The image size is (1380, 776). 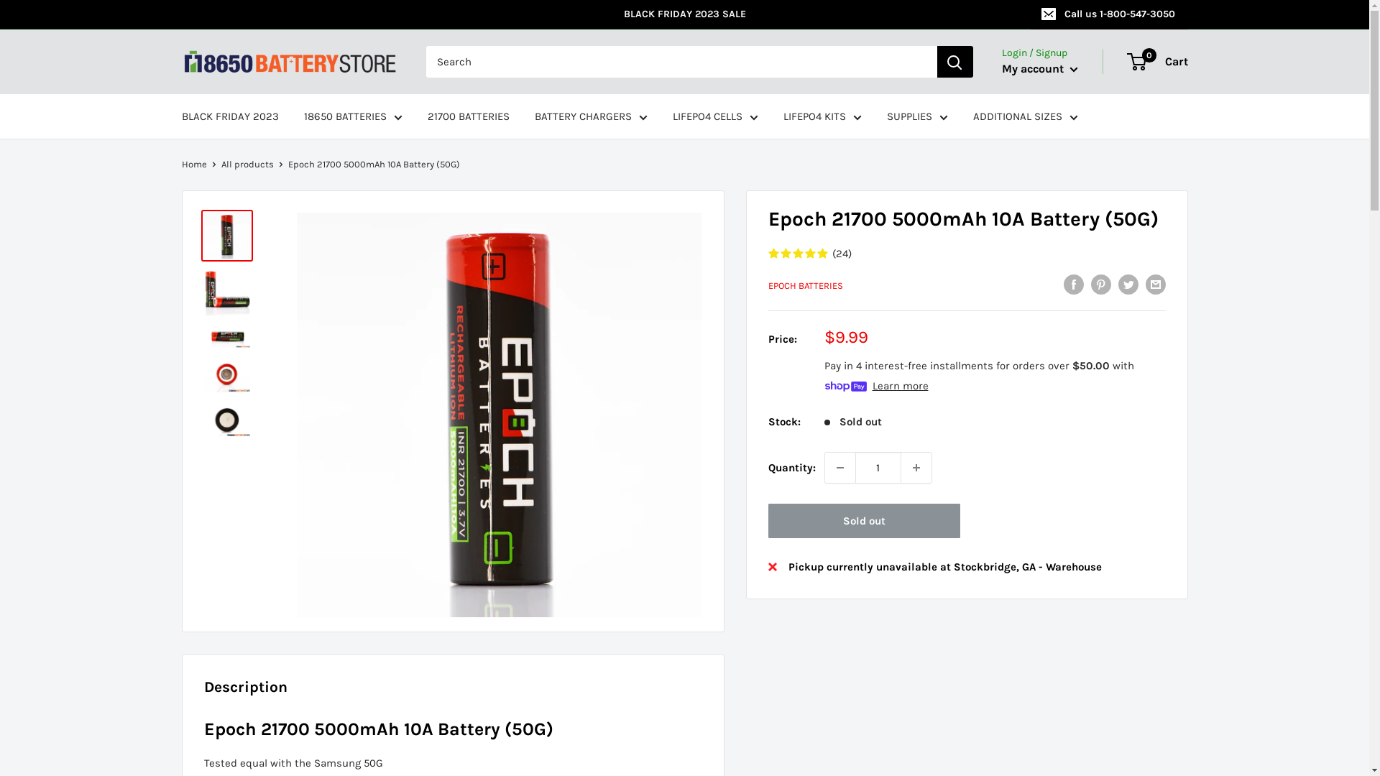 I want to click on '21700 BATTERIES', so click(x=426, y=116).